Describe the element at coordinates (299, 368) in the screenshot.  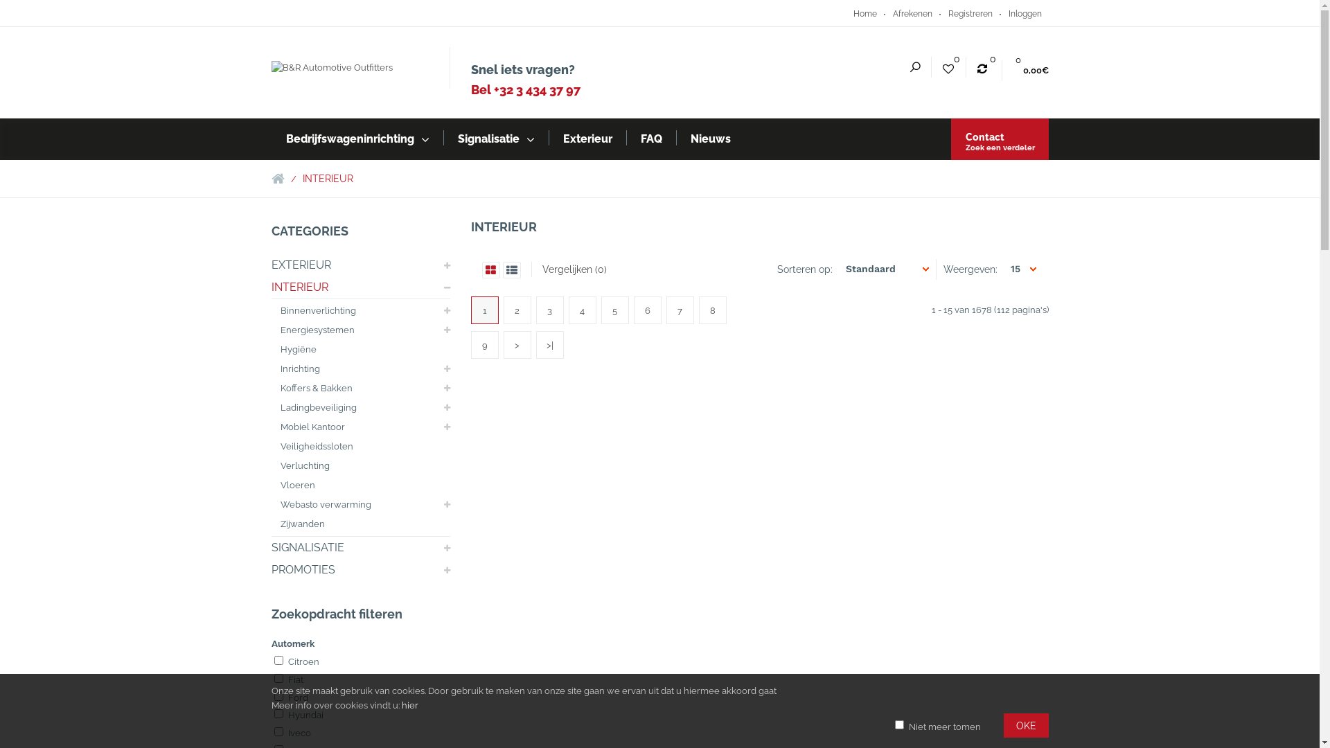
I see `'Inrichting'` at that location.